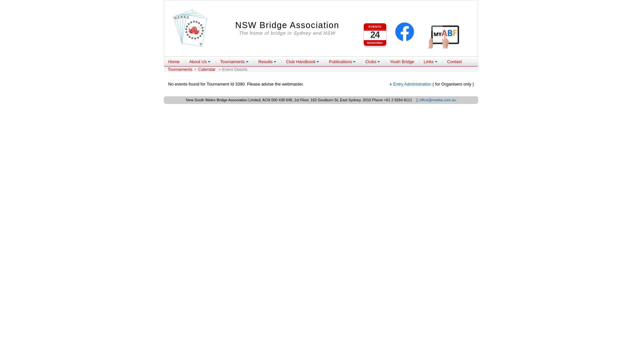  Describe the element at coordinates (430, 62) in the screenshot. I see `'Links'` at that location.